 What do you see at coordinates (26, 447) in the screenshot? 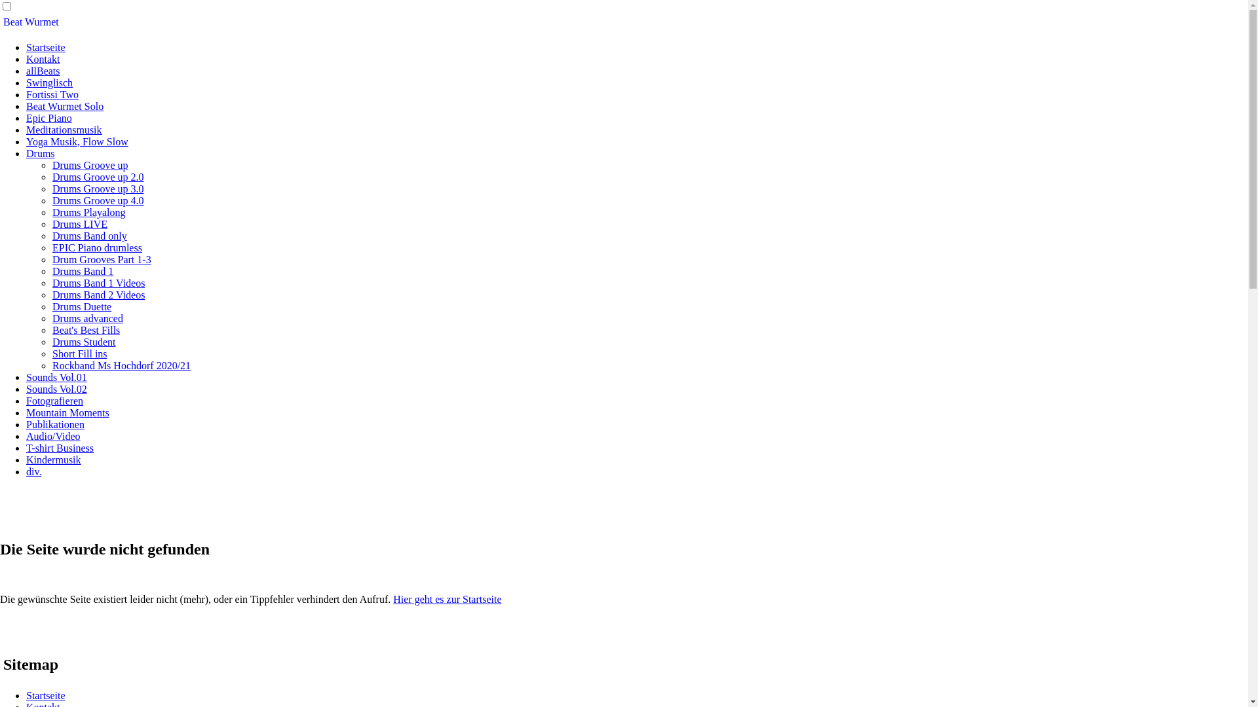
I see `'T-shirt Business'` at bounding box center [26, 447].